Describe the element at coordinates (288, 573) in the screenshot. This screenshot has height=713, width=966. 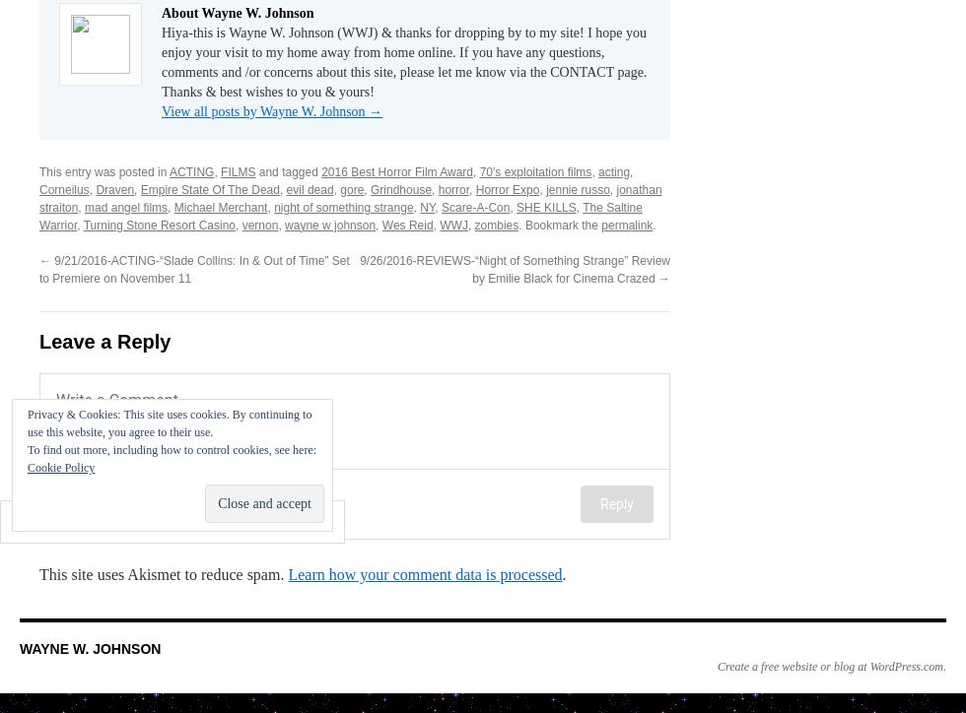
I see `'Learn how your comment data is processed'` at that location.